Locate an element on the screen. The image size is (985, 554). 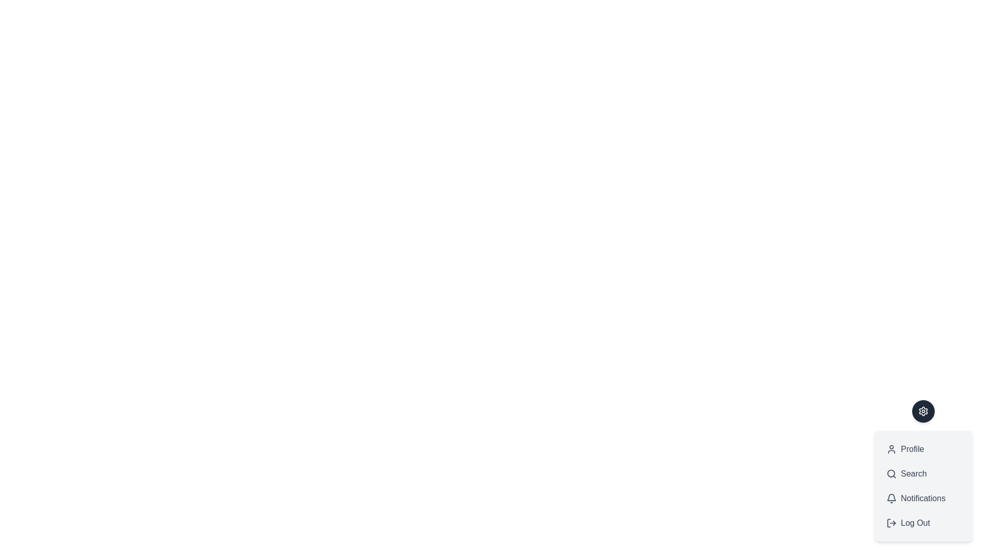
the settings icon located in the bottom-right corner of the interface is located at coordinates (923, 411).